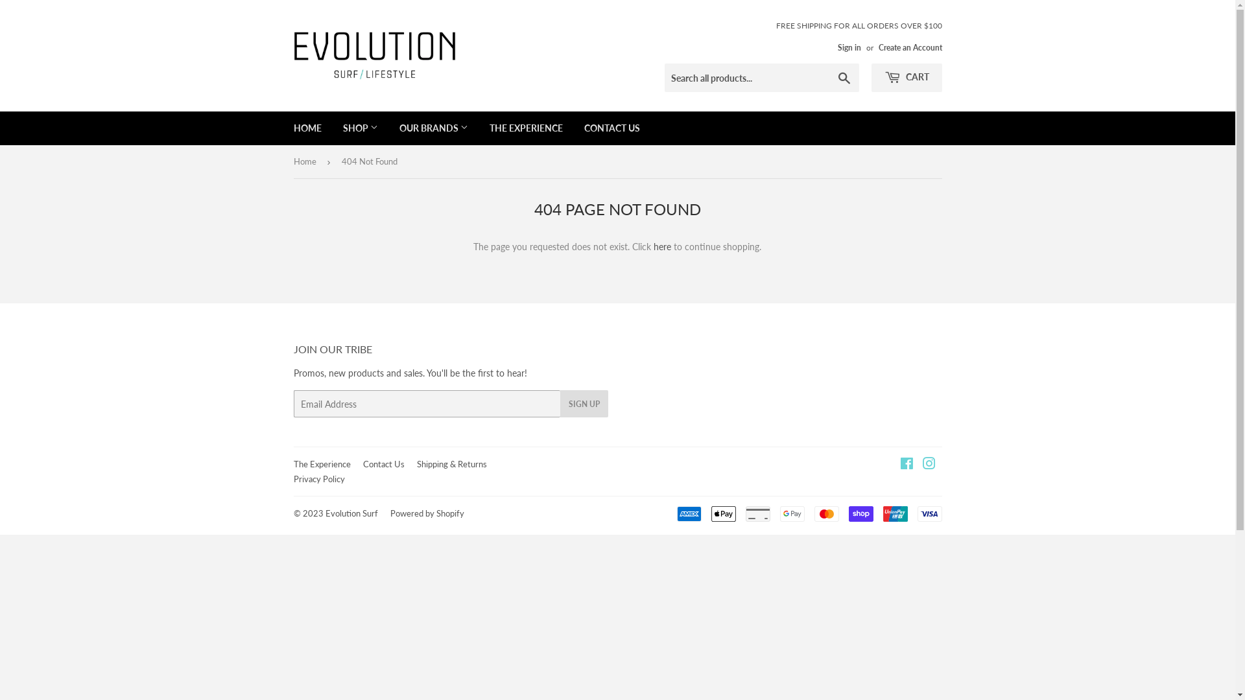  Describe the element at coordinates (849, 47) in the screenshot. I see `'Sign in'` at that location.